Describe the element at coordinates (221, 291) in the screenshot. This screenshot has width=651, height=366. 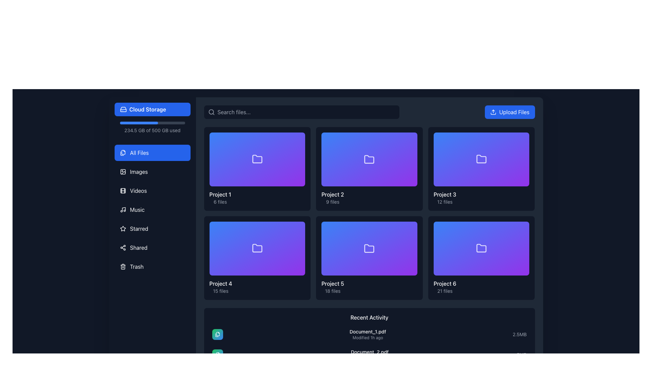
I see `text label displaying '15 files' located beneath the 'Project 4' heading in the card-style layout` at that location.